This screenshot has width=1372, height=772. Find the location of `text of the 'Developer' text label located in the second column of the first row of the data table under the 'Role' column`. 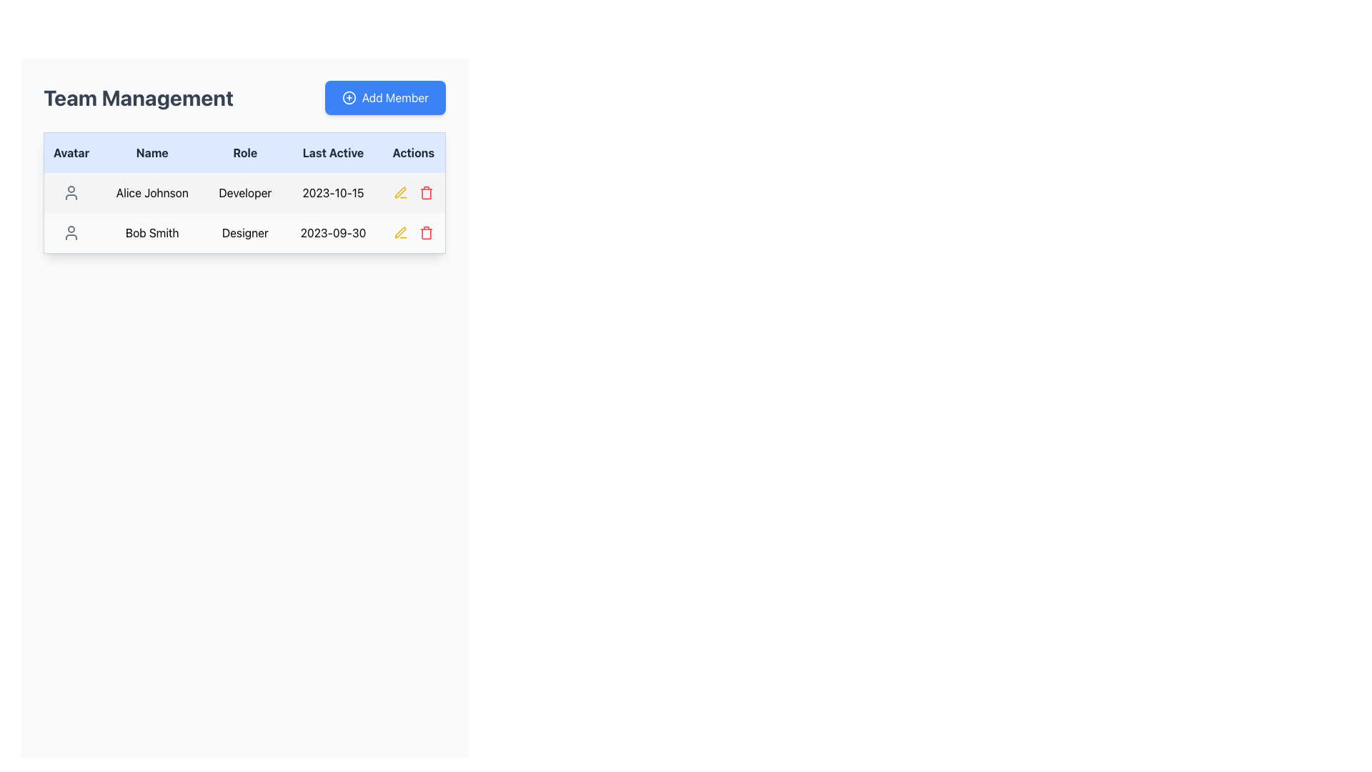

text of the 'Developer' text label located in the second column of the first row of the data table under the 'Role' column is located at coordinates (245, 193).